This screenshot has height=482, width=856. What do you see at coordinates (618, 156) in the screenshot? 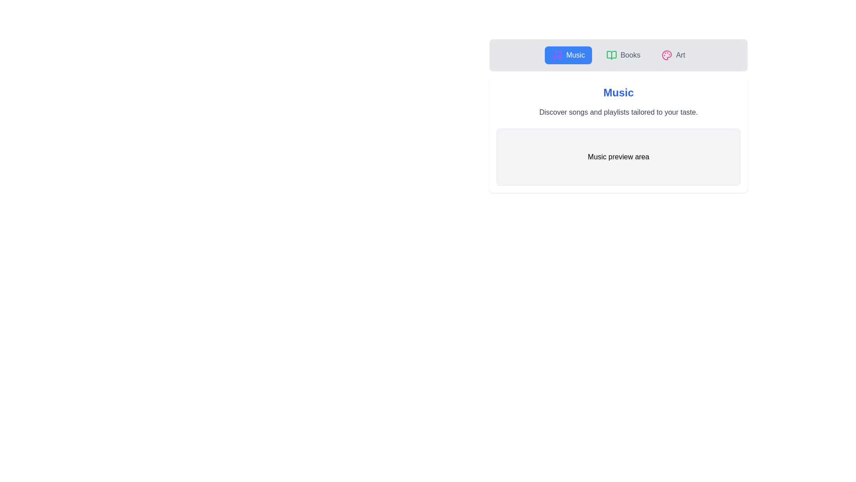
I see `the preview area of the active tab` at bounding box center [618, 156].